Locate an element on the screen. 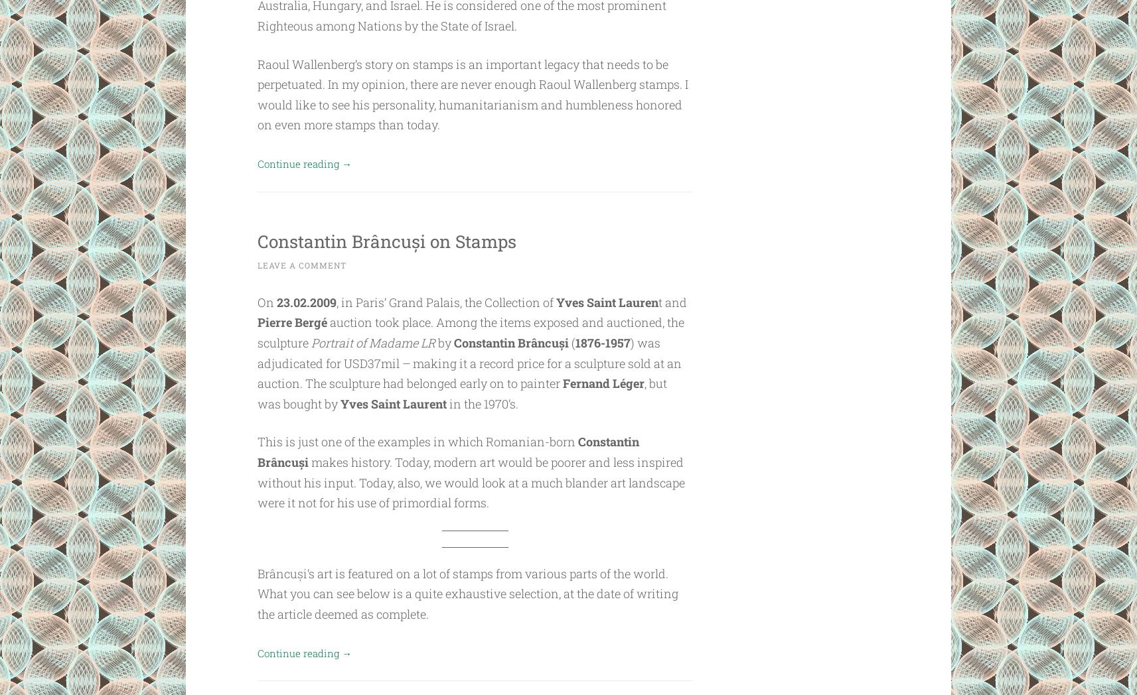  'Pierre Bergé' is located at coordinates (291, 322).